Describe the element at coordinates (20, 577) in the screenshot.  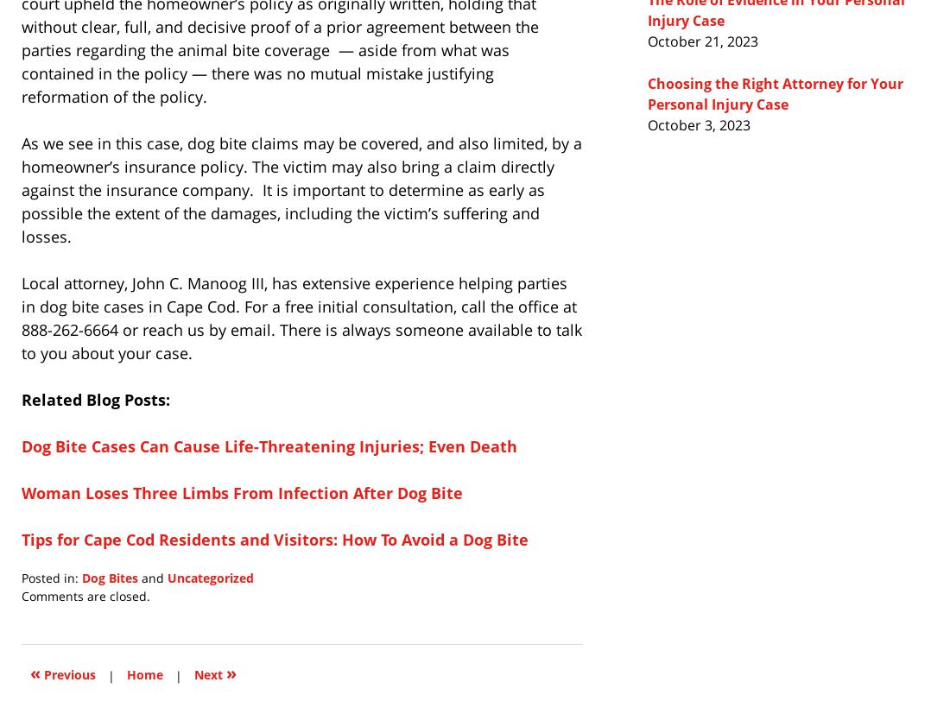
I see `'Posted in:'` at that location.